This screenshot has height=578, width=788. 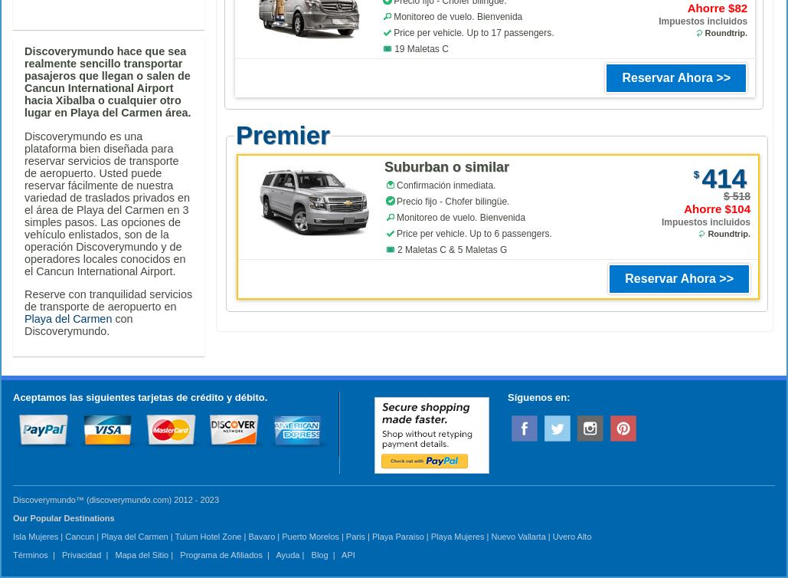 I want to click on 'Discoverymundo™ (discoverymundo.com) 2012 - 2023', so click(x=12, y=498).